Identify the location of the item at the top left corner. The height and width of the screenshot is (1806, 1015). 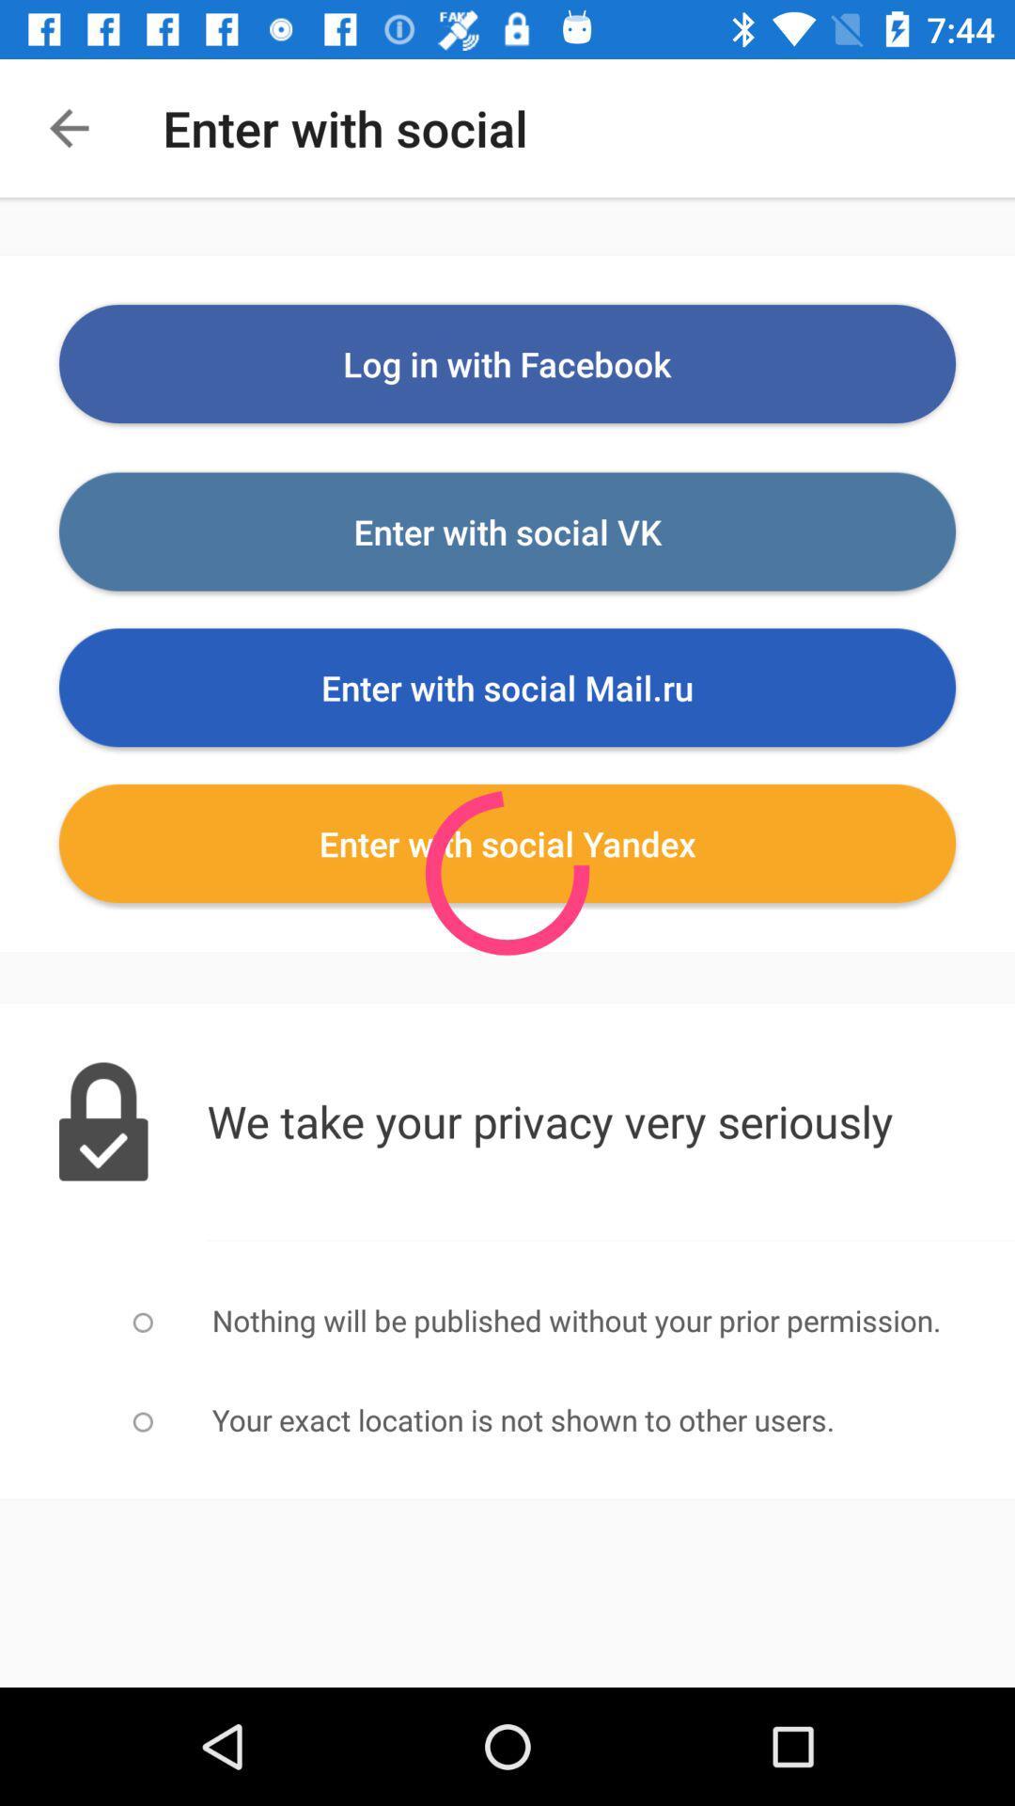
(68, 127).